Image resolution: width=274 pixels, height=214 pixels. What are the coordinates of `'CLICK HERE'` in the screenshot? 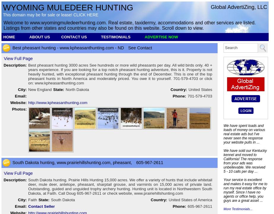 It's located at (85, 14).